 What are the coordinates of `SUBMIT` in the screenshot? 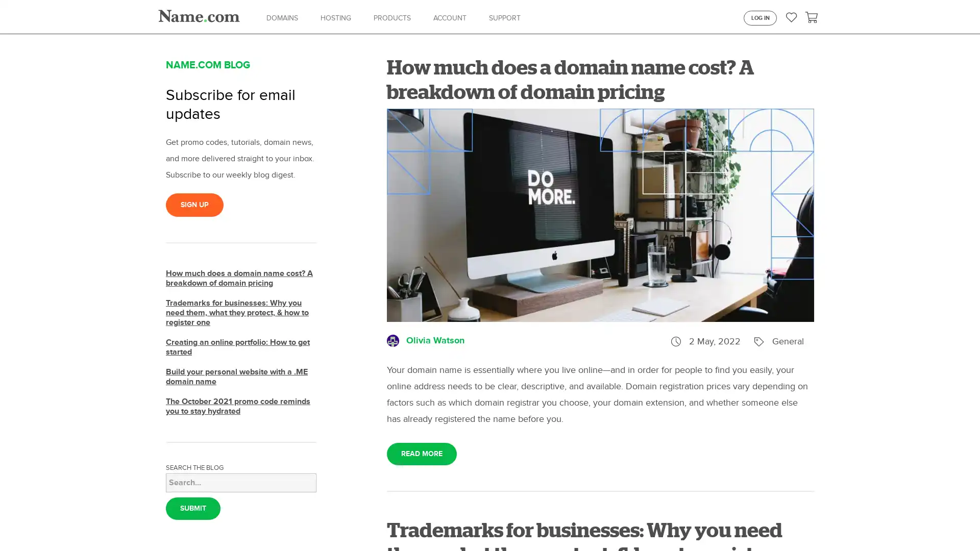 It's located at (193, 508).